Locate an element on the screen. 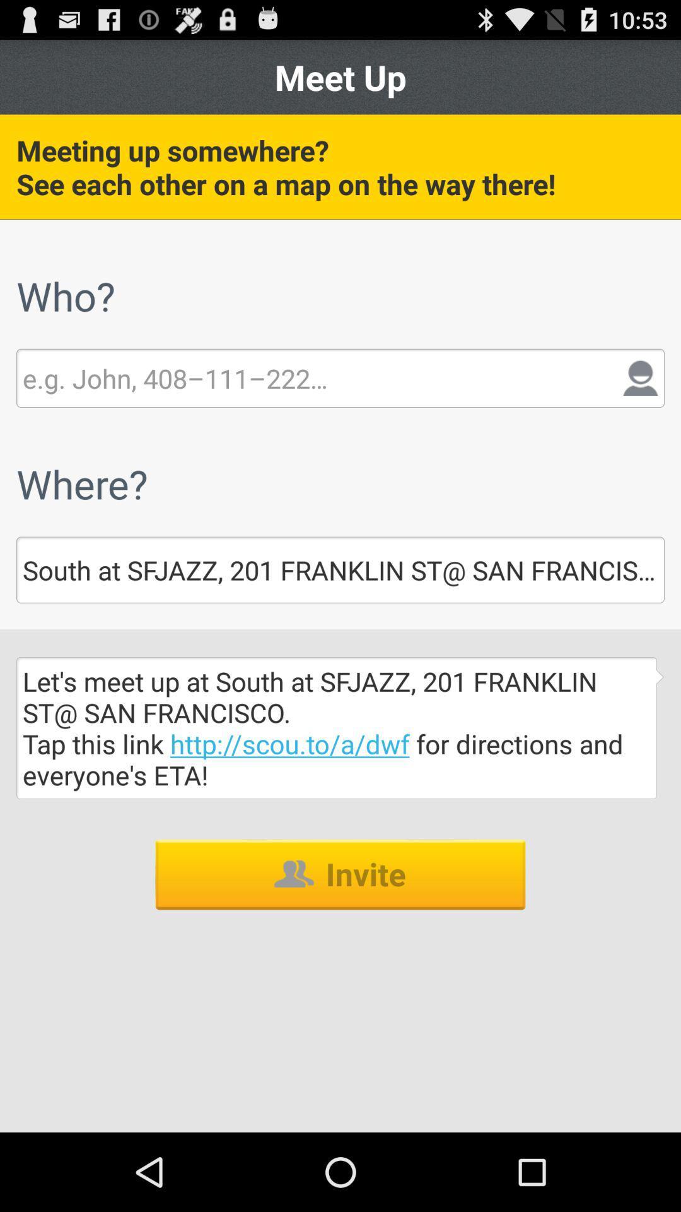 The height and width of the screenshot is (1212, 681). type name of person is located at coordinates (175, 377).